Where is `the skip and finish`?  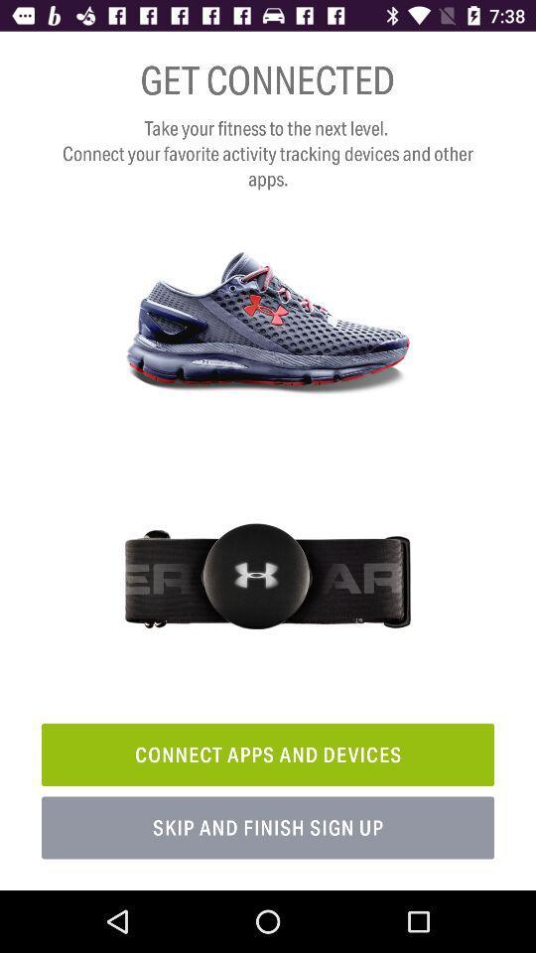 the skip and finish is located at coordinates (268, 828).